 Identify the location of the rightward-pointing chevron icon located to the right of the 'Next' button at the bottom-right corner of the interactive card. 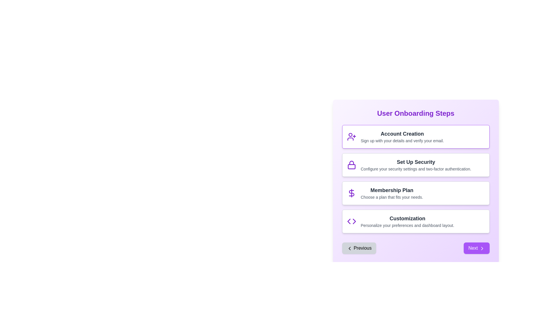
(482, 248).